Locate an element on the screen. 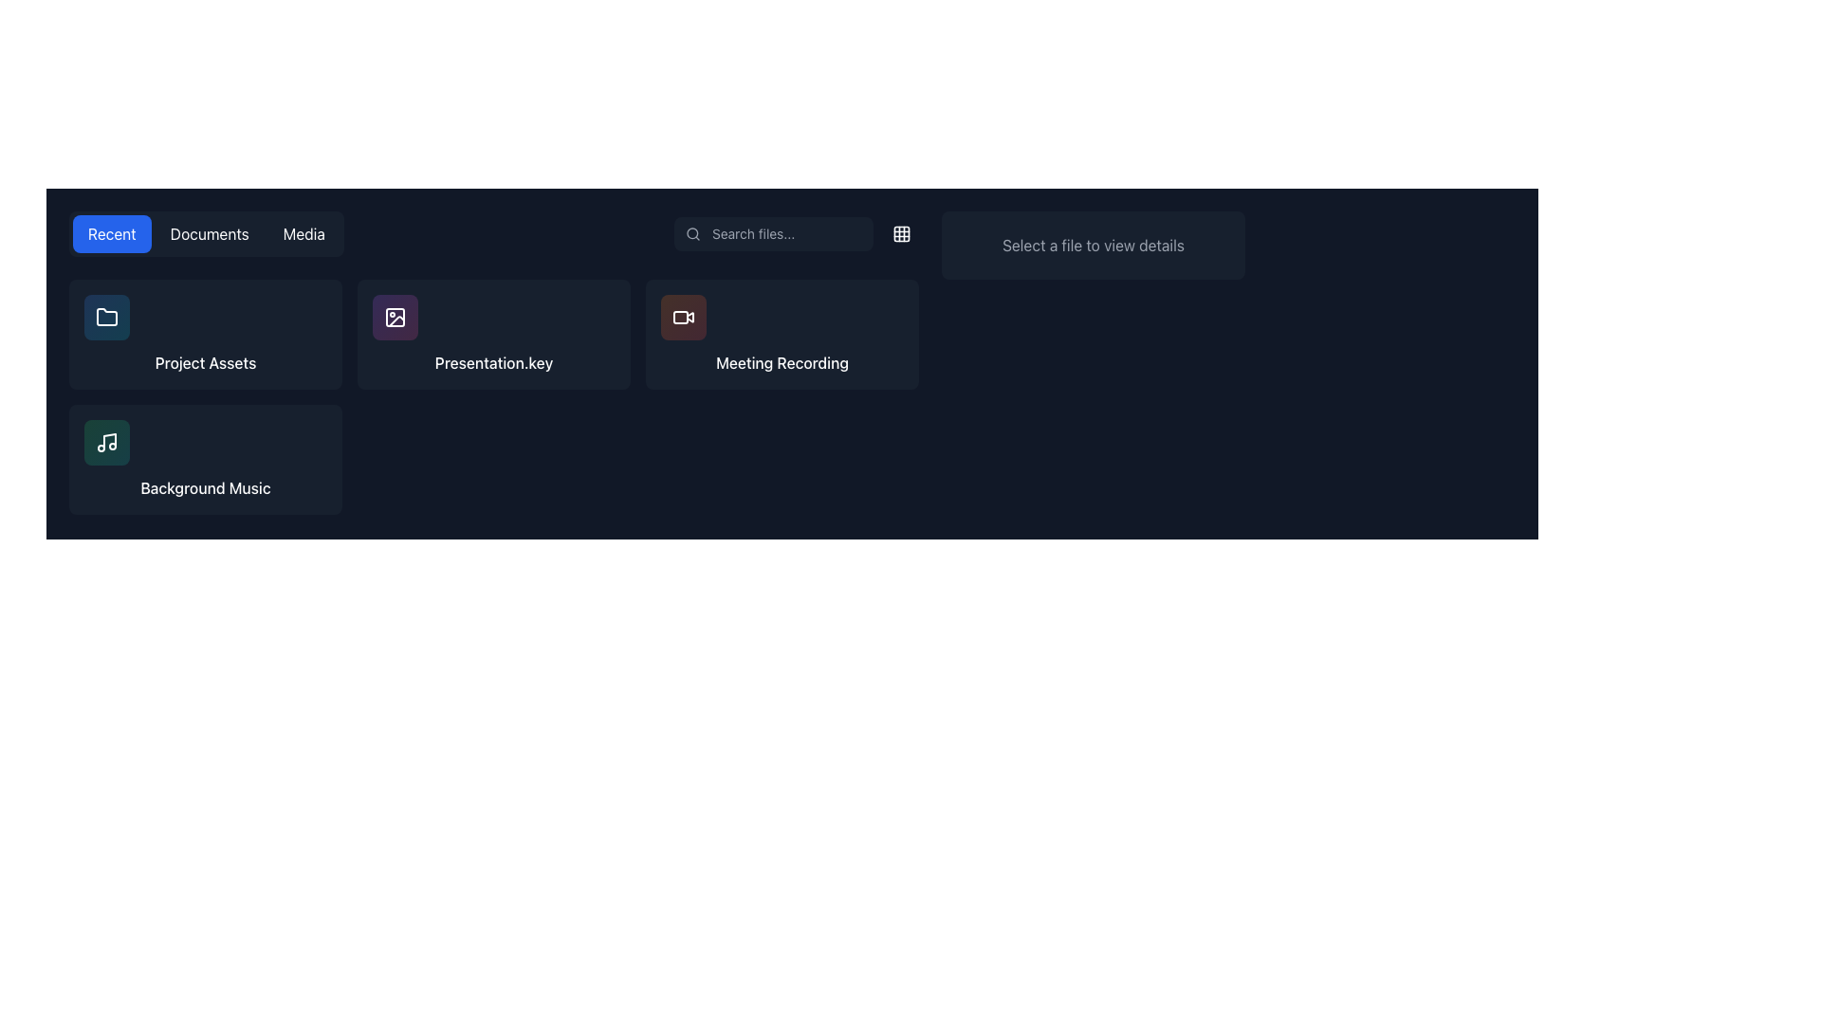 The image size is (1821, 1024). the 'Documents' button, which is a rectangular button with rounded corners and a dark background is located at coordinates (210, 232).